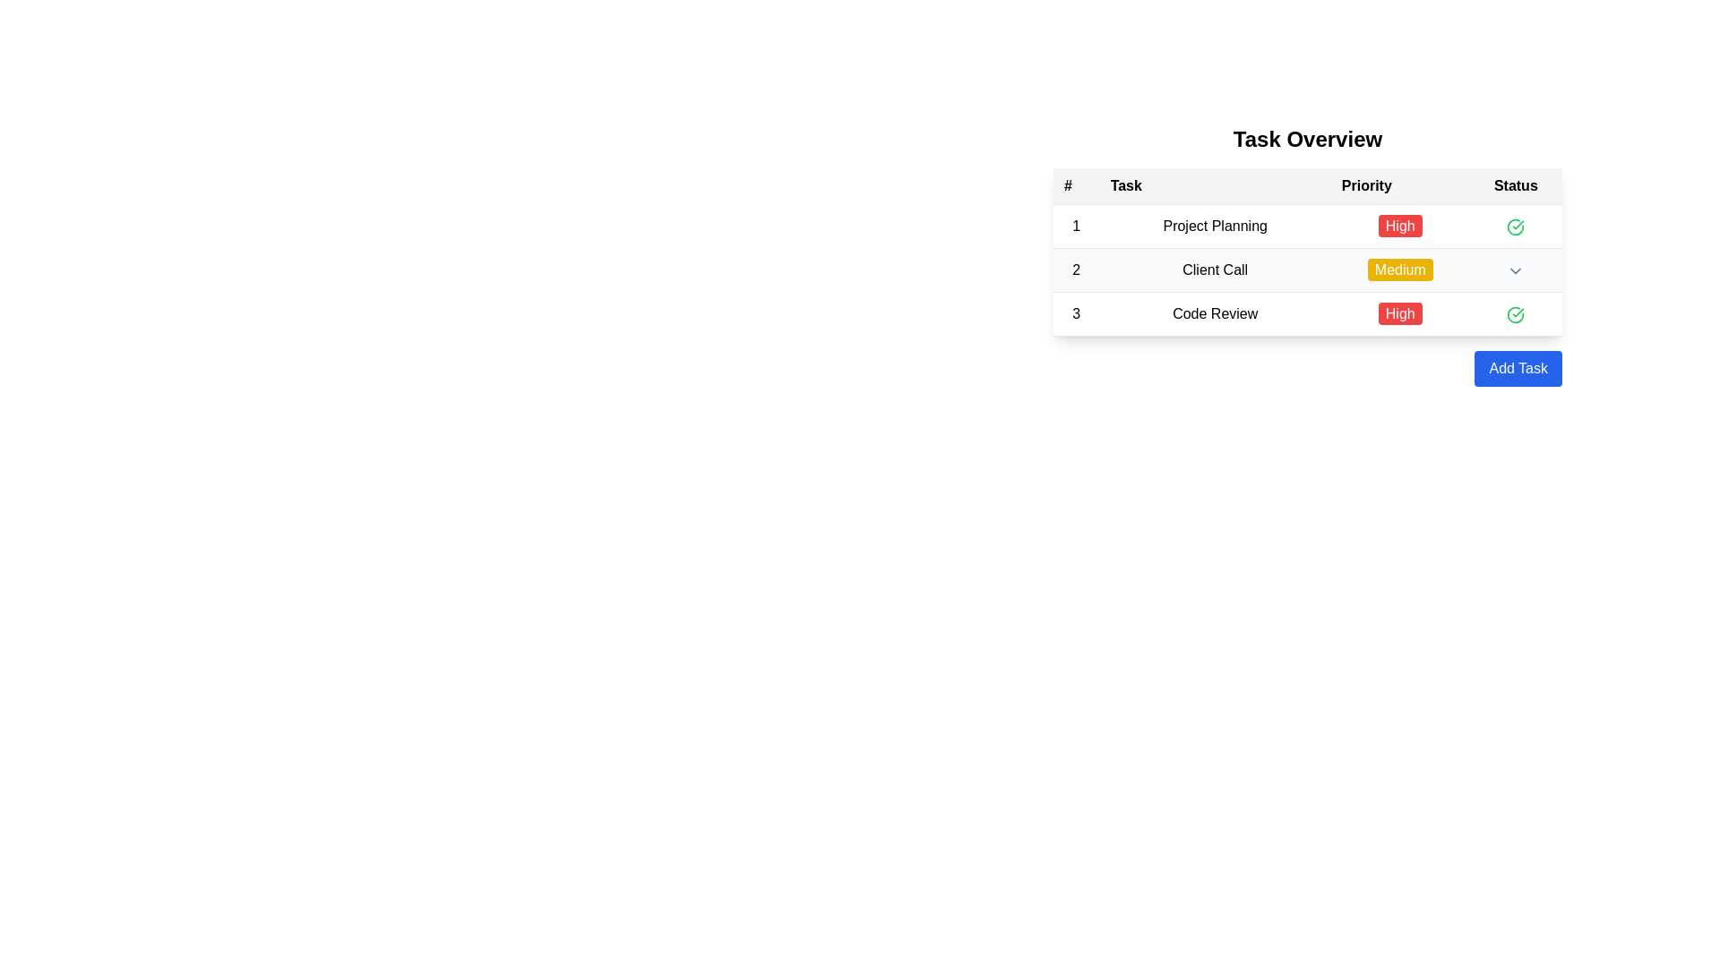 The width and height of the screenshot is (1720, 967). What do you see at coordinates (1075, 226) in the screenshot?
I see `the numerical indicator displaying '1' in the first column of the task list table under the '#' header, which is part of the 'Project Planning' row` at bounding box center [1075, 226].